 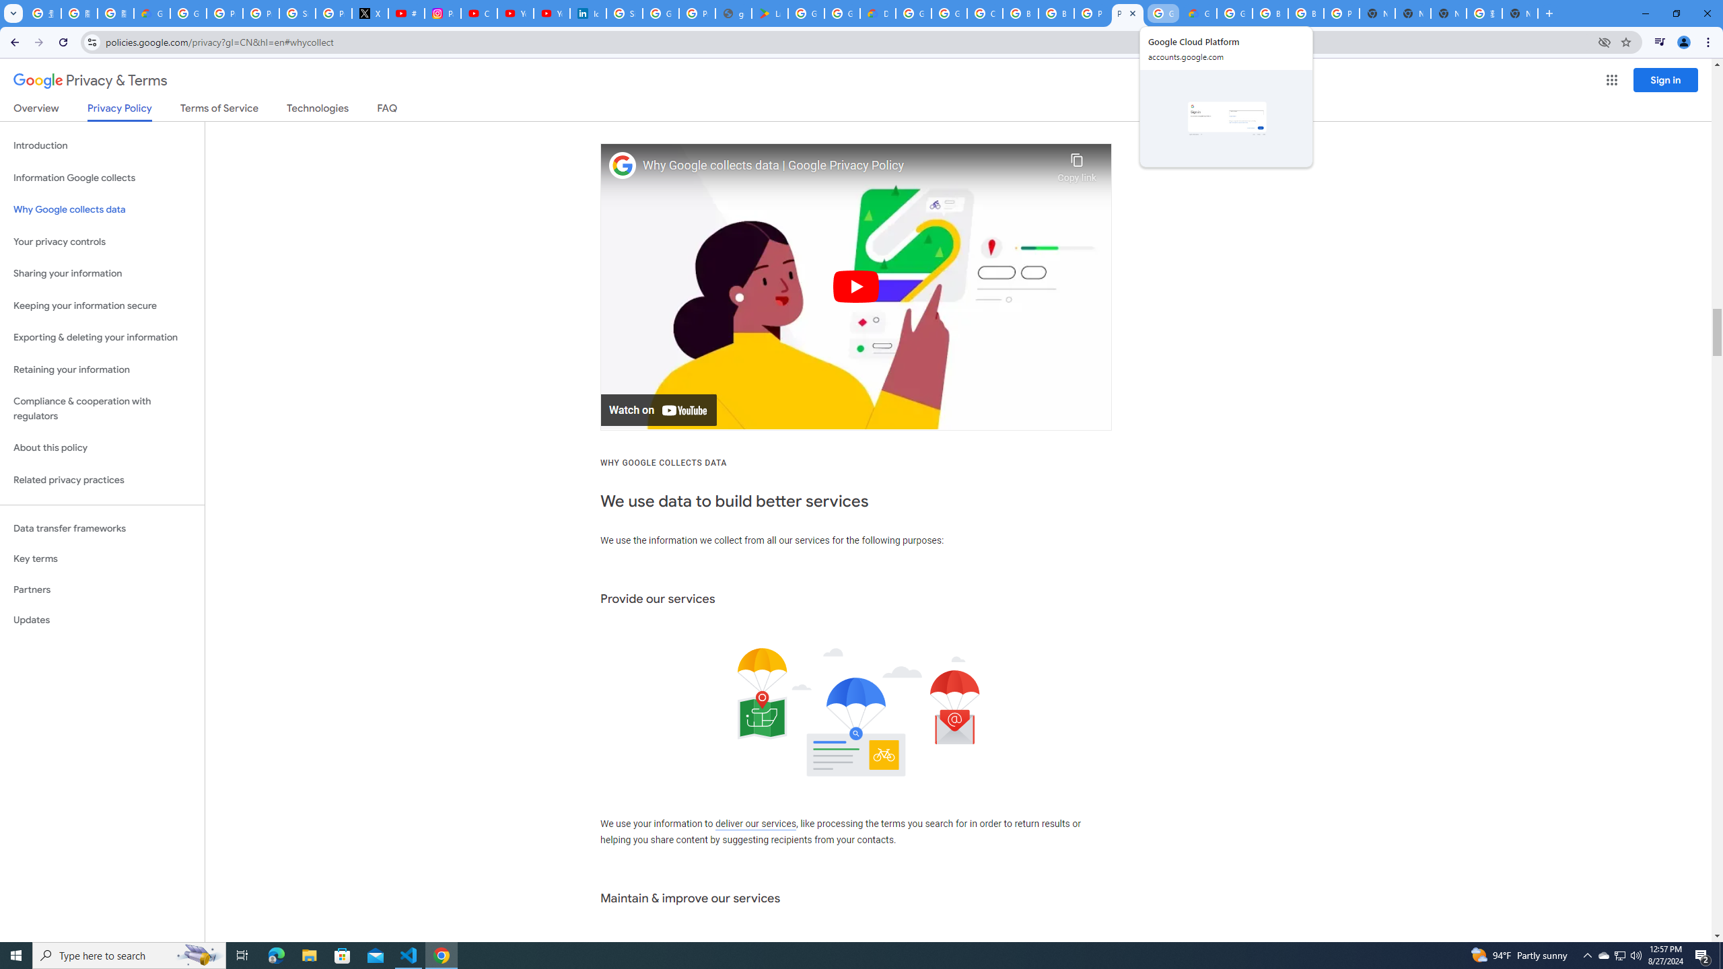 I want to click on 'Privacy Help Center - Policies Help', so click(x=261, y=13).